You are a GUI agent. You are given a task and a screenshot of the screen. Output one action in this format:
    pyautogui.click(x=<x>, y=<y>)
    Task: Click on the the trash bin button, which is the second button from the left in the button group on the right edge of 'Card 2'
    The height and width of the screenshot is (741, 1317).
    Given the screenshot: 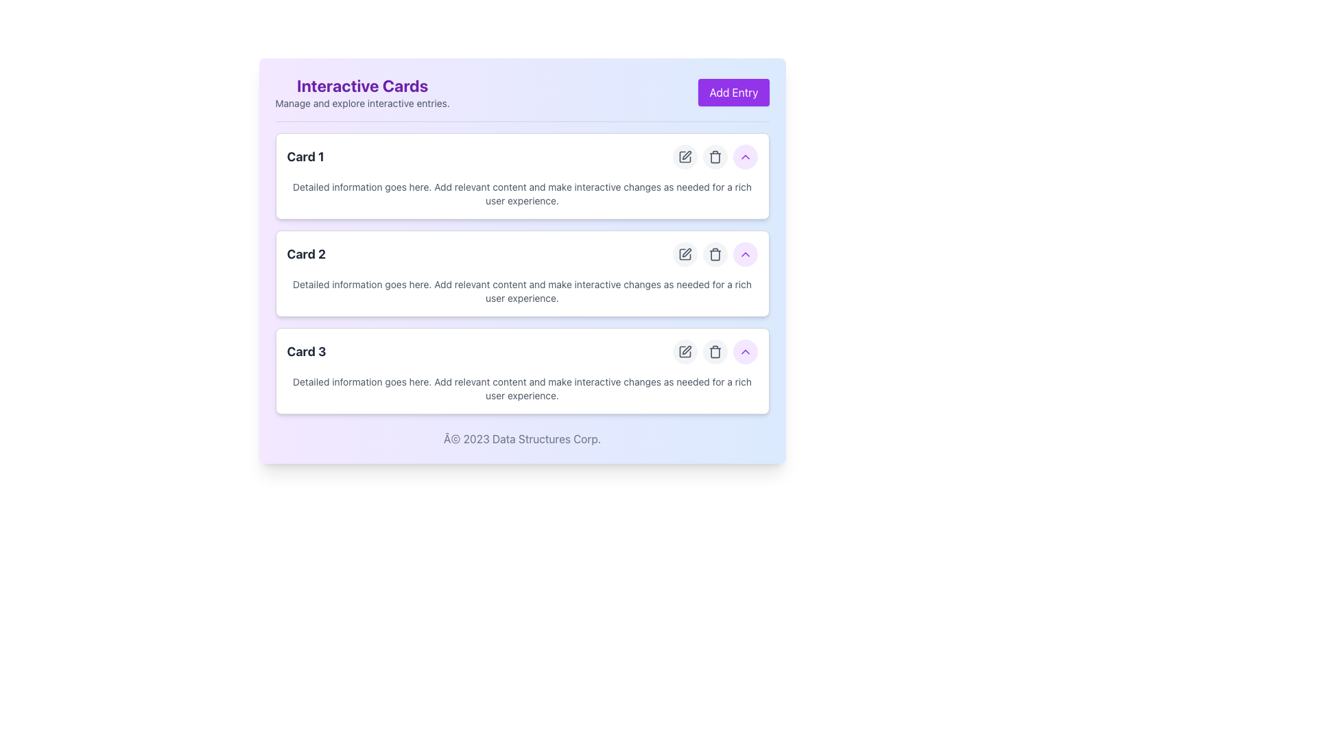 What is the action you would take?
    pyautogui.click(x=714, y=254)
    